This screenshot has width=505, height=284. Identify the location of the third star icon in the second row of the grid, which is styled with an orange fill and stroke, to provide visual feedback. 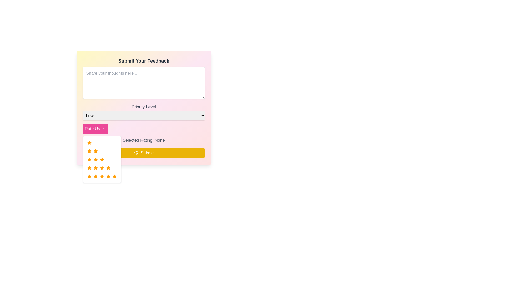
(89, 168).